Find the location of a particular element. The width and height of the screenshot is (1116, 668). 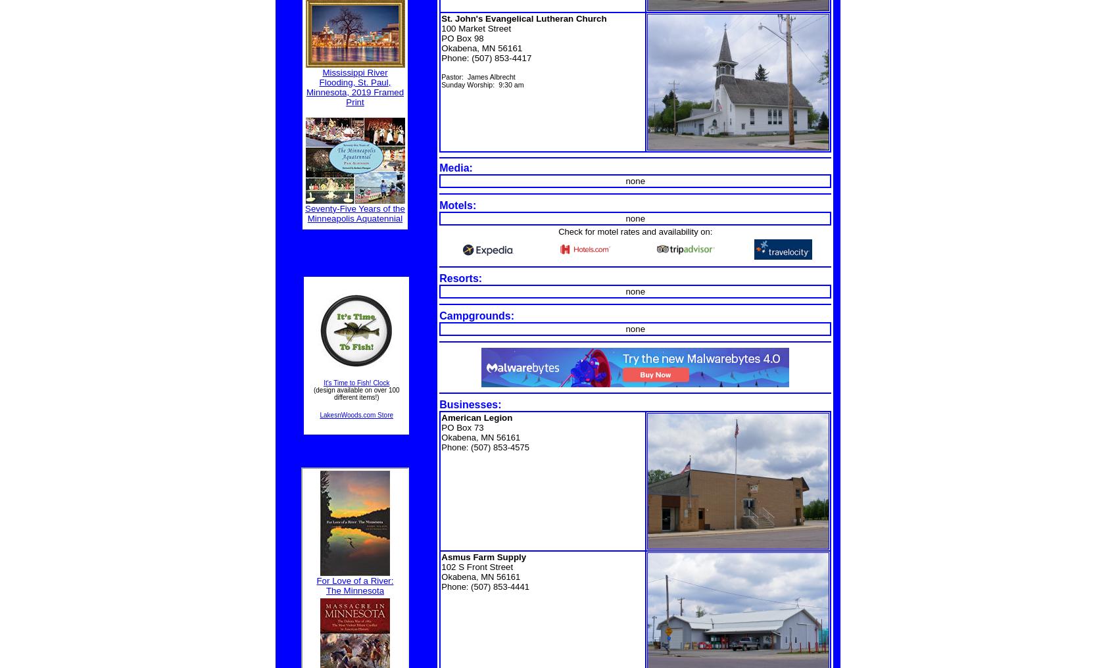

'American Legion' is located at coordinates (475, 418).